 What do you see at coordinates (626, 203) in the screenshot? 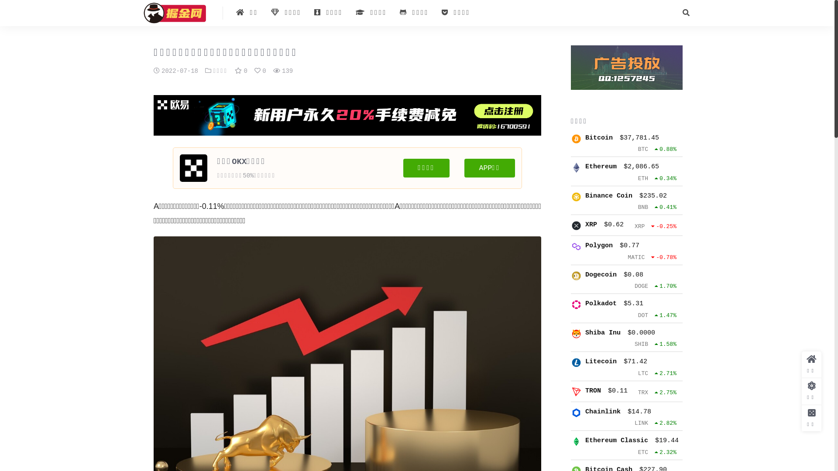
I see `'Binance Coin $235.02` at bounding box center [626, 203].